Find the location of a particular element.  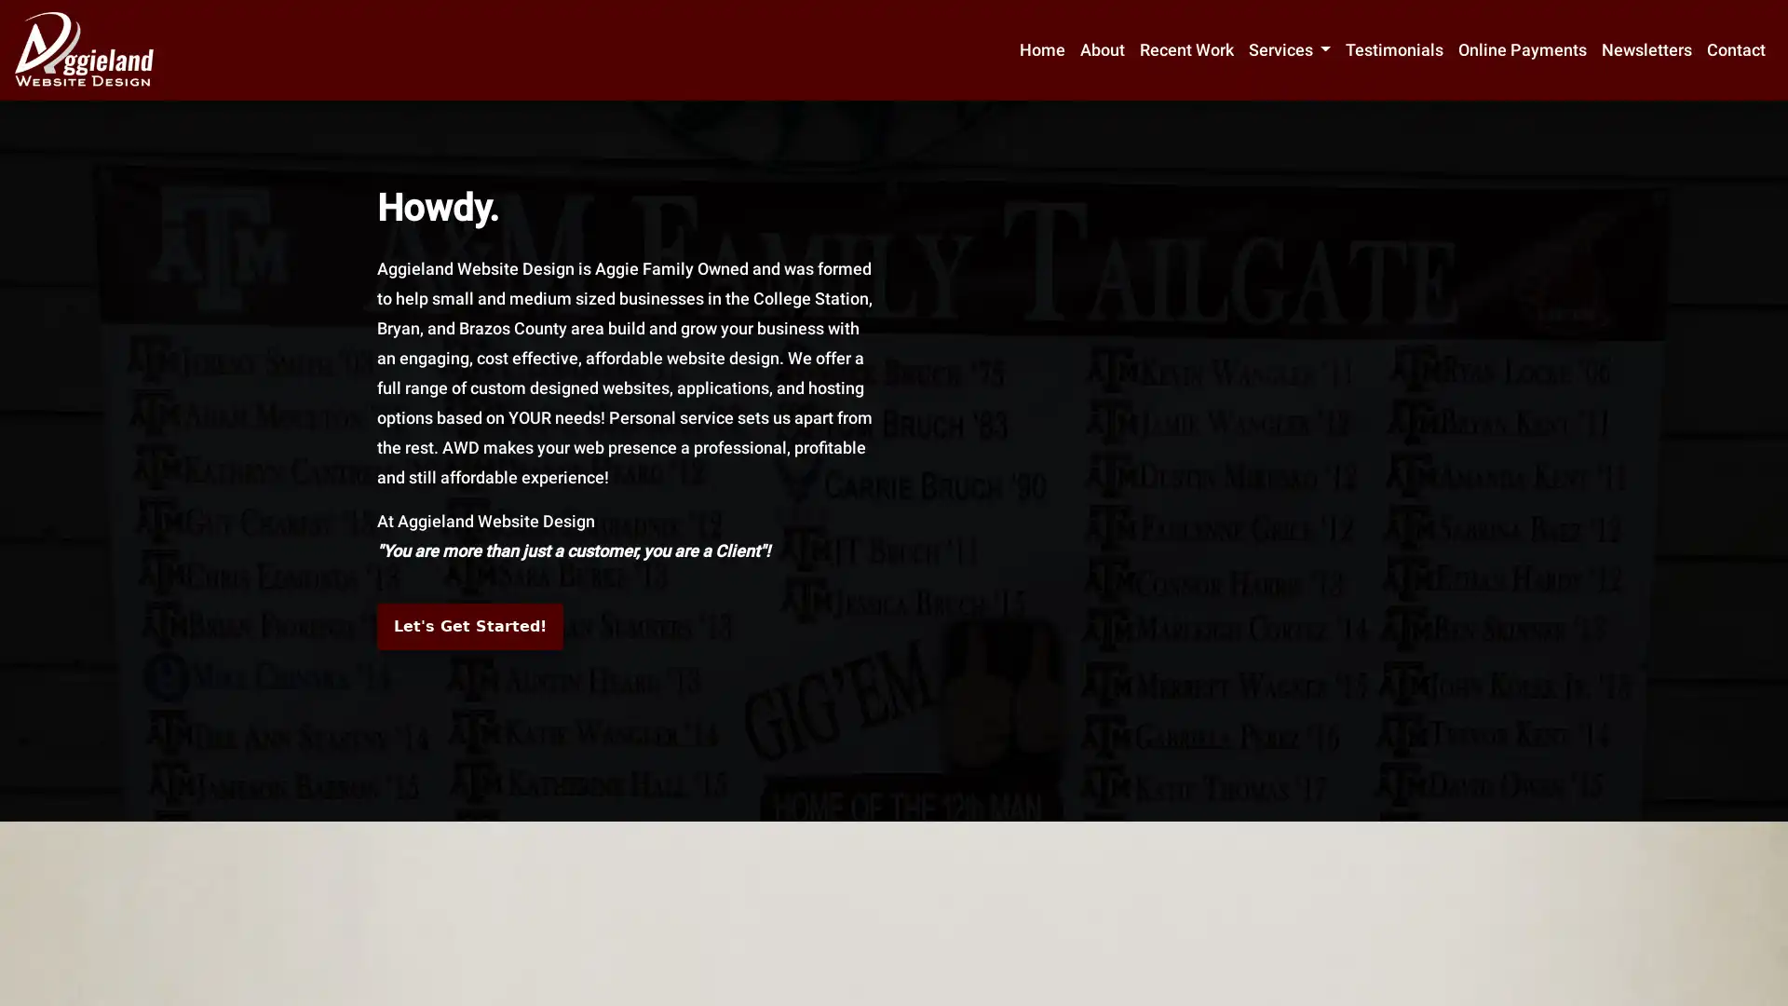

Let's Get Started! is located at coordinates (469, 626).